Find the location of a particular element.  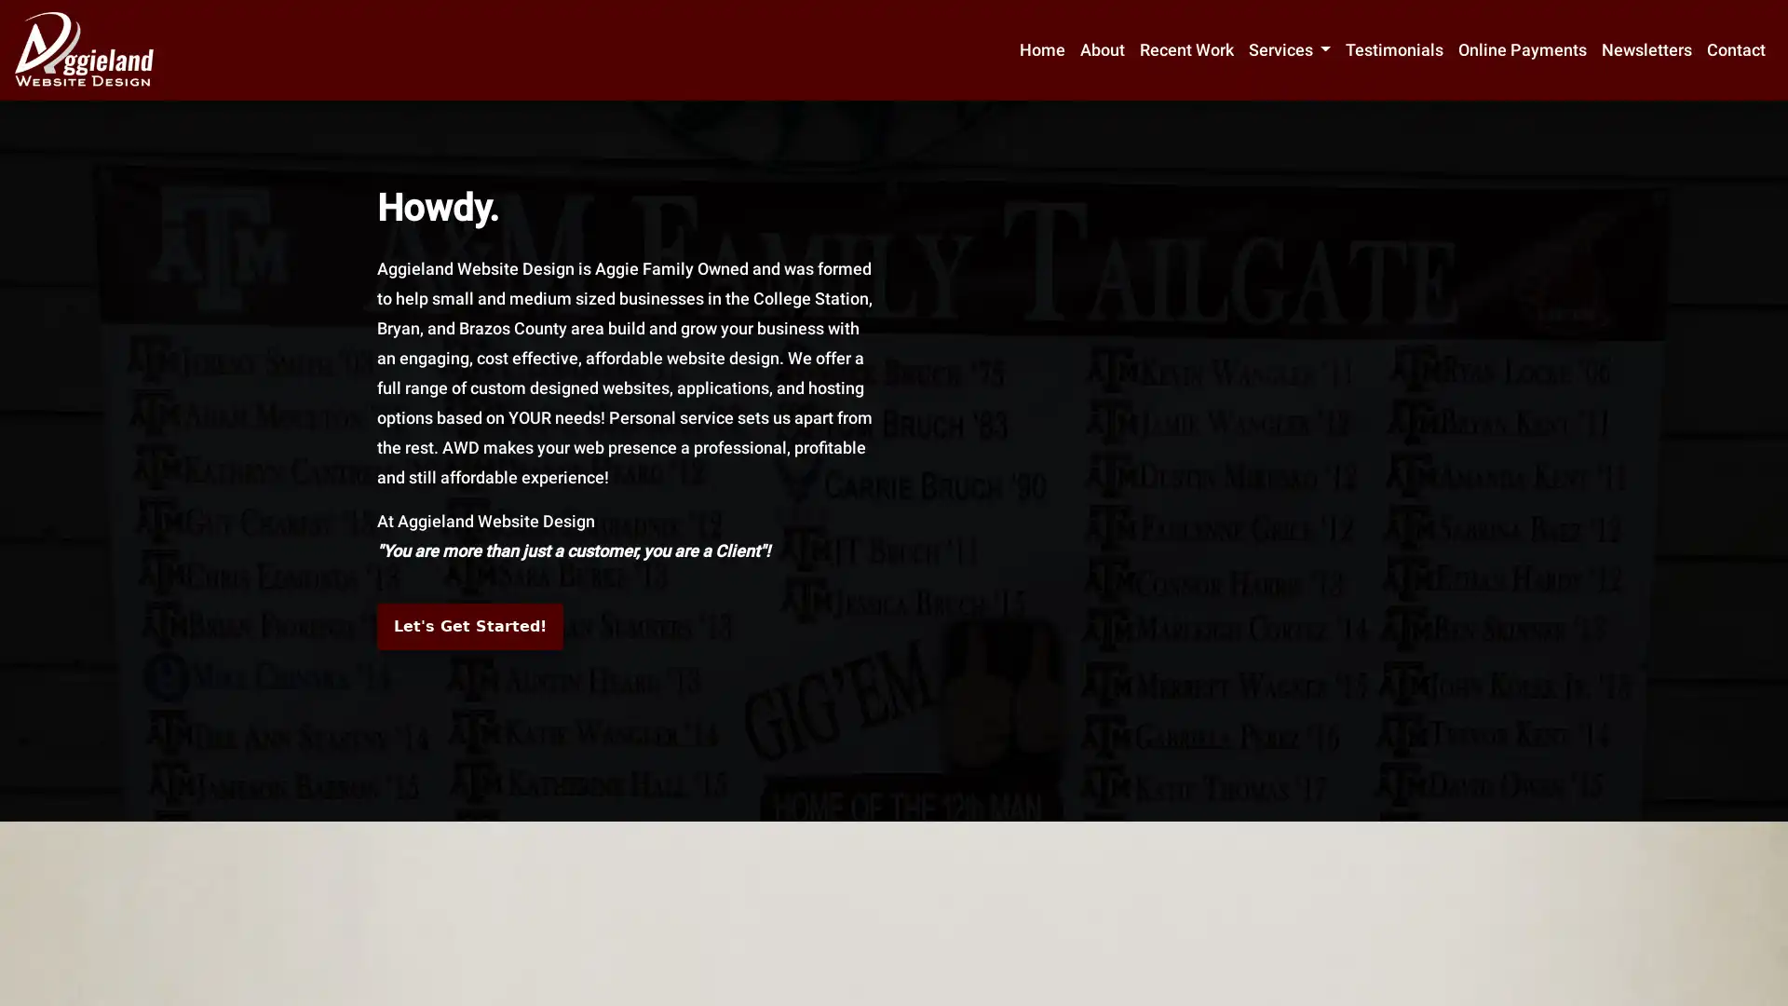

Let's Get Started! is located at coordinates (469, 626).